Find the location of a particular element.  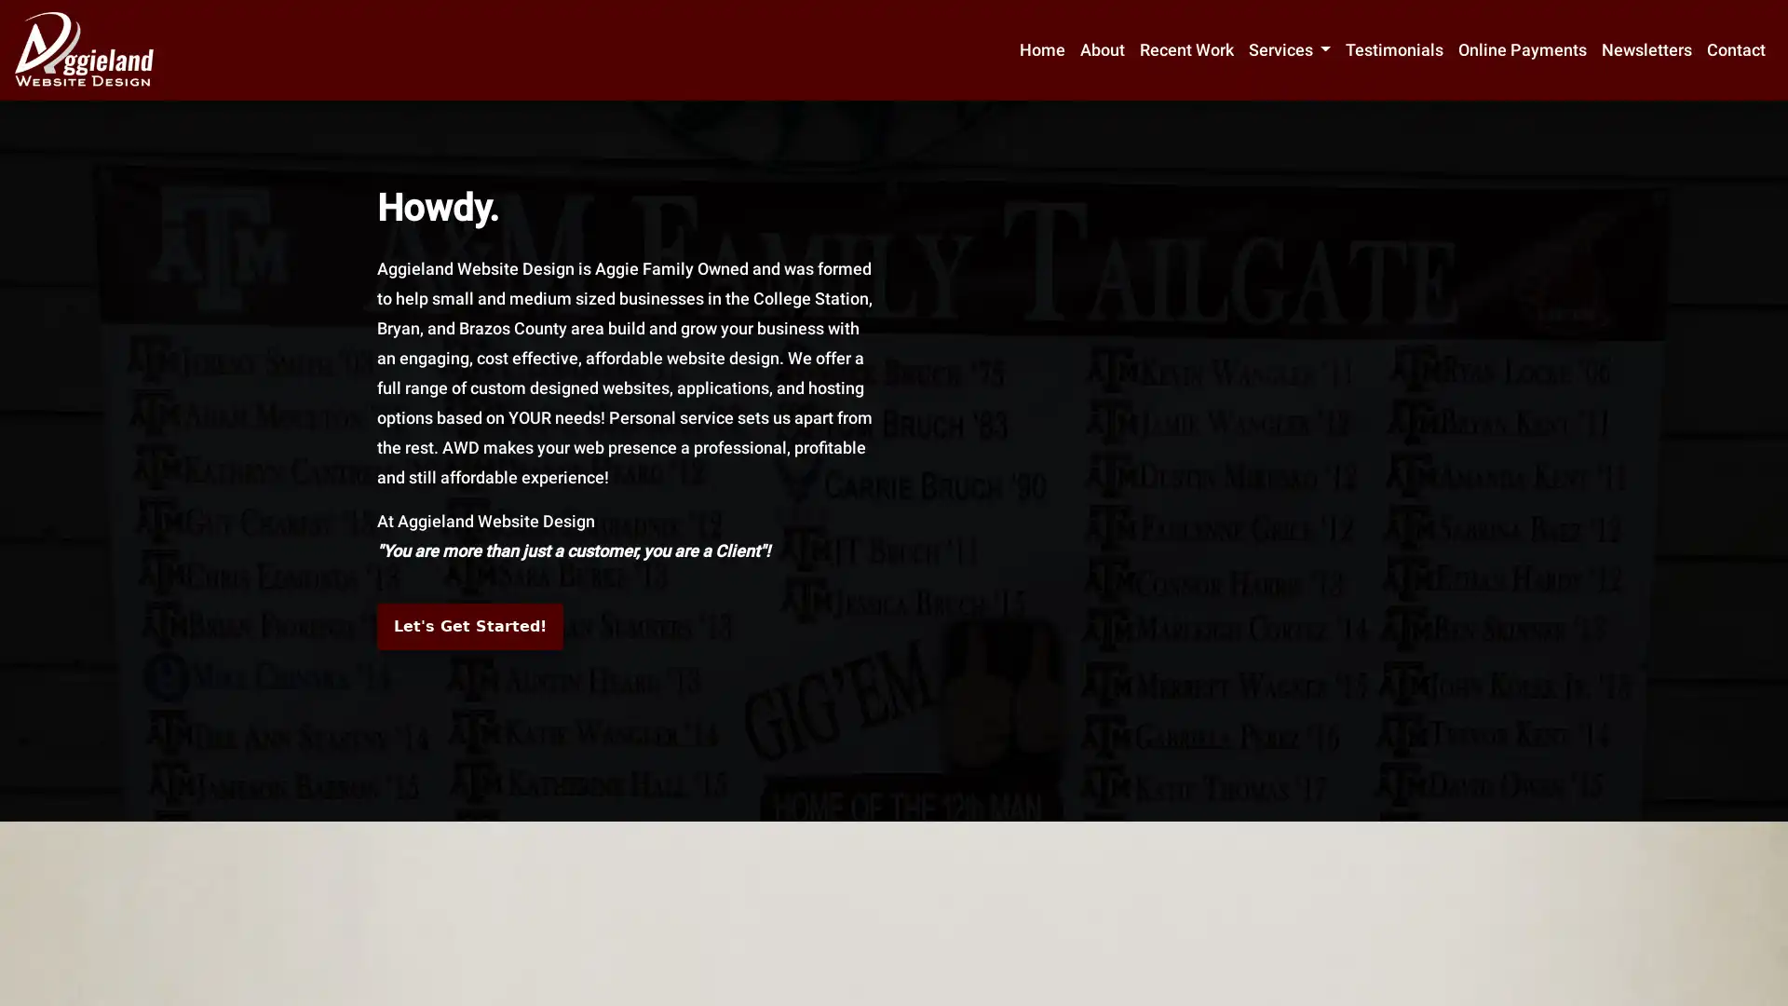

Let's Get Started! is located at coordinates (469, 626).